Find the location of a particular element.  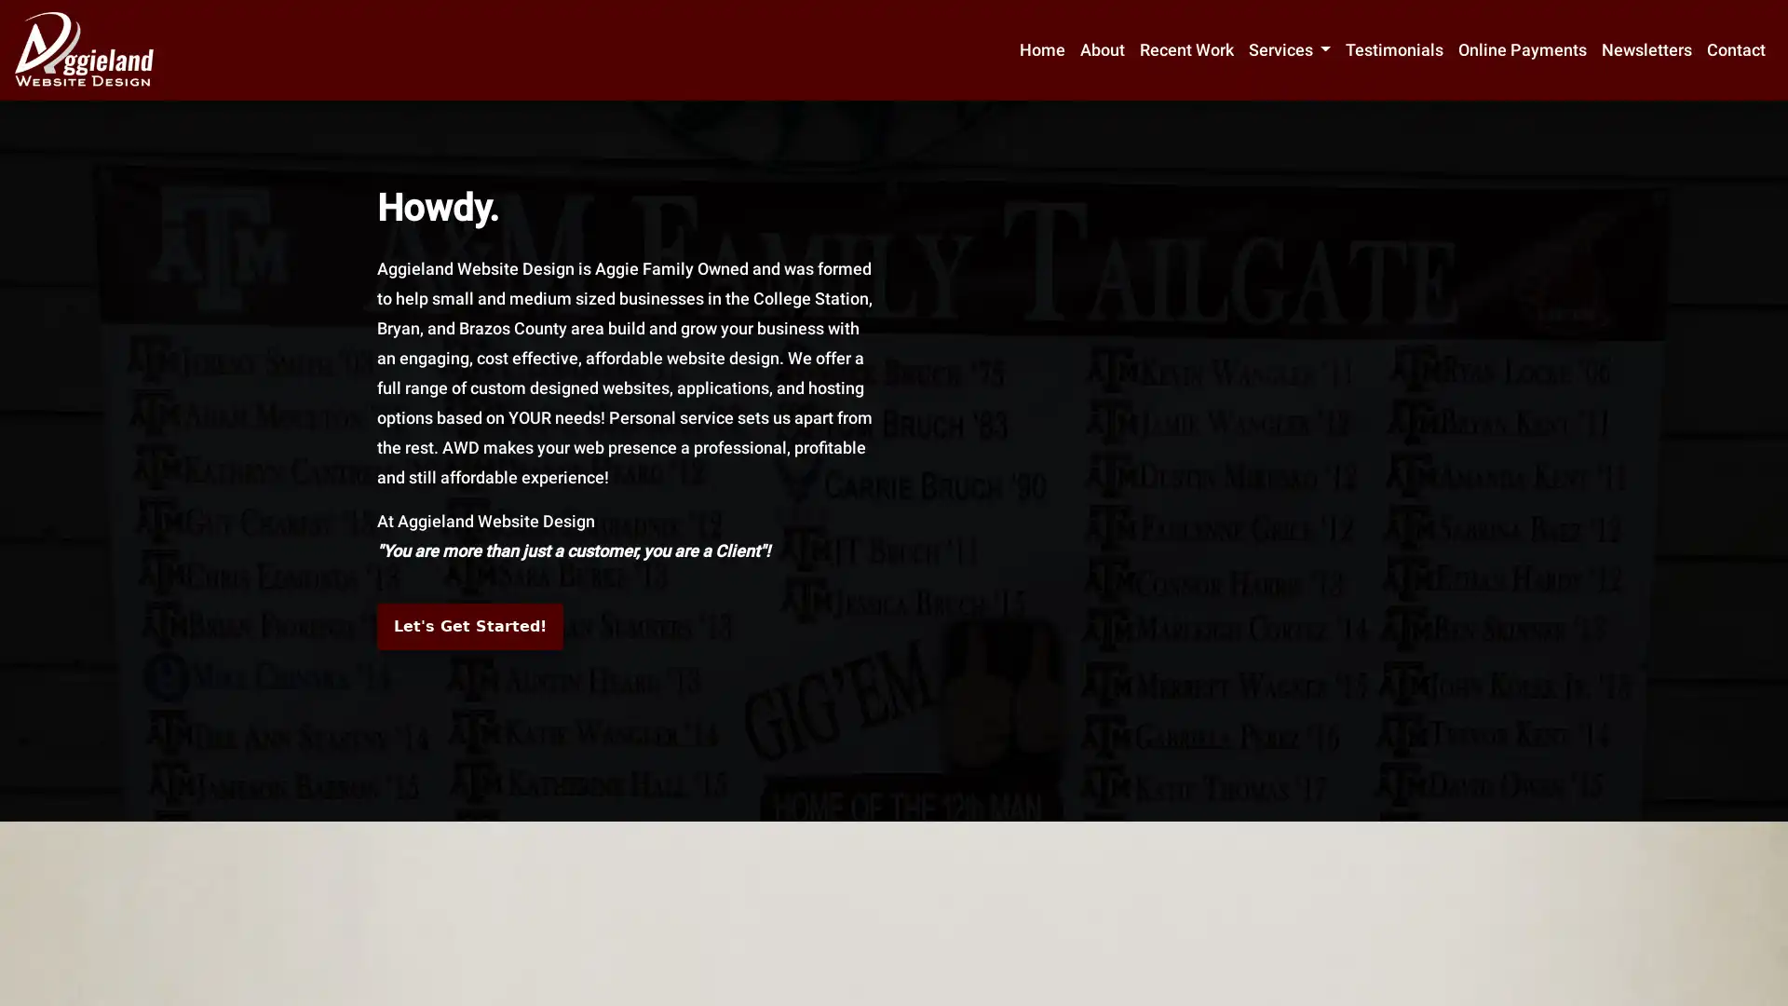

Let's Get Started! is located at coordinates (469, 626).